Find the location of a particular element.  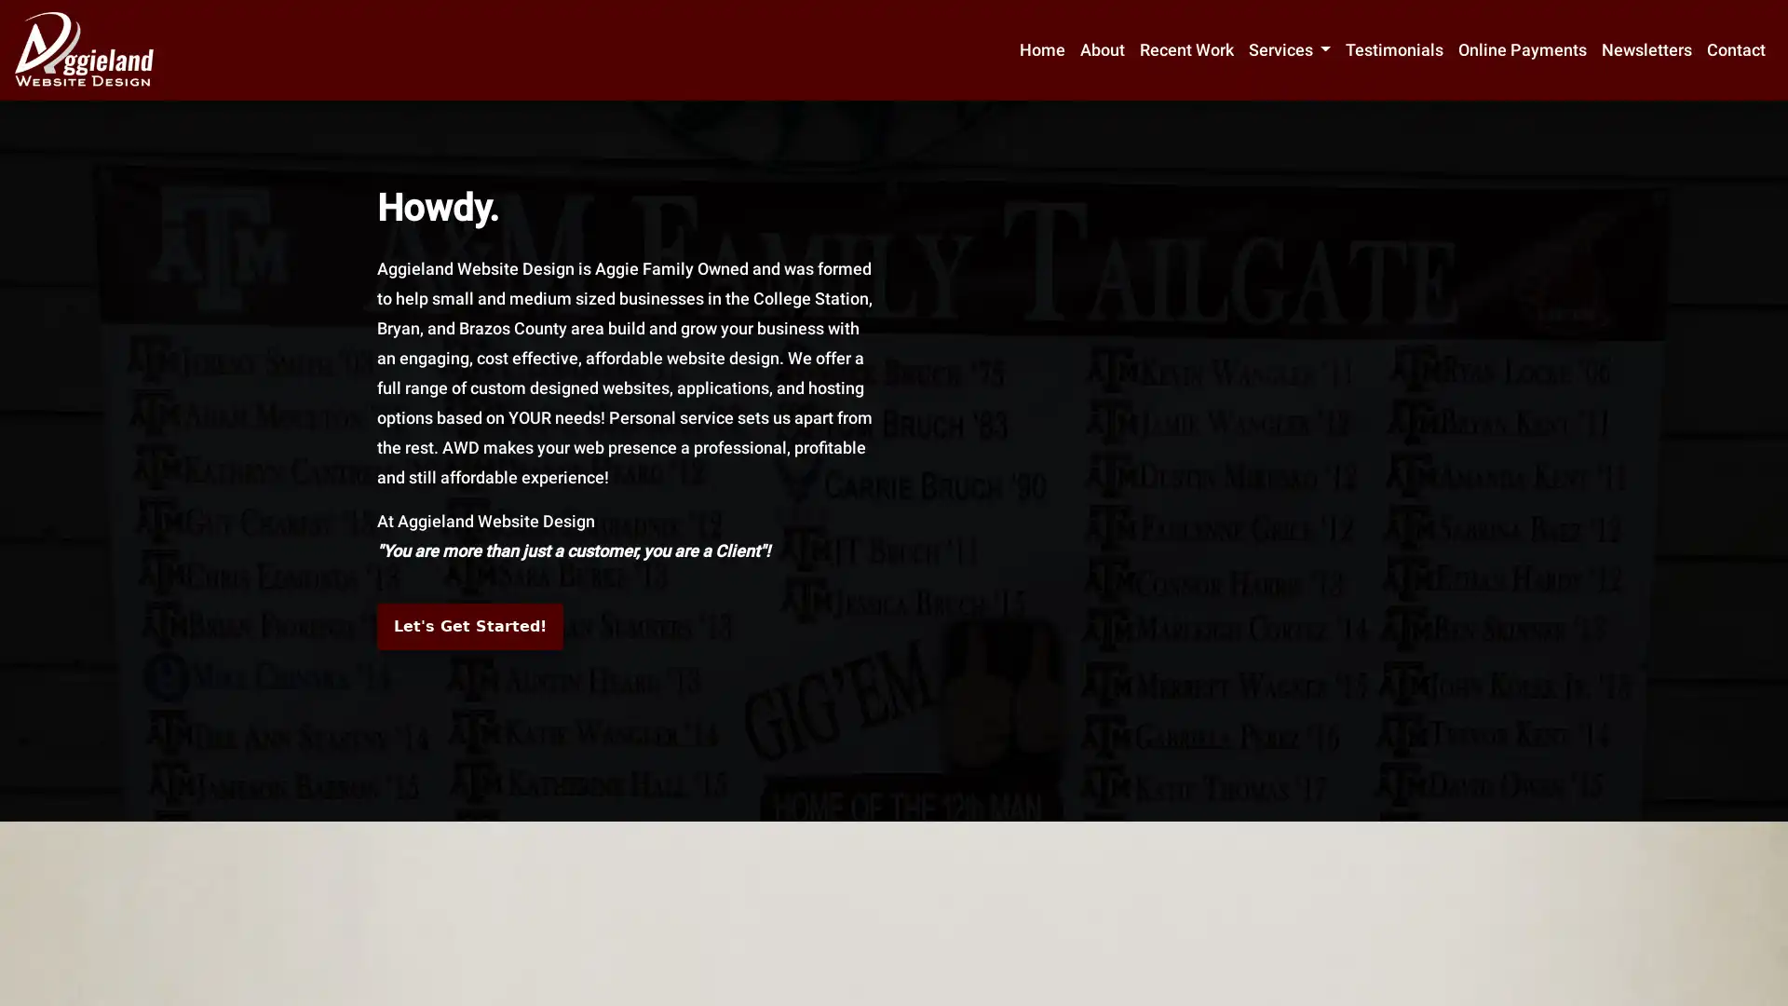

Let's Get Started! is located at coordinates (469, 626).